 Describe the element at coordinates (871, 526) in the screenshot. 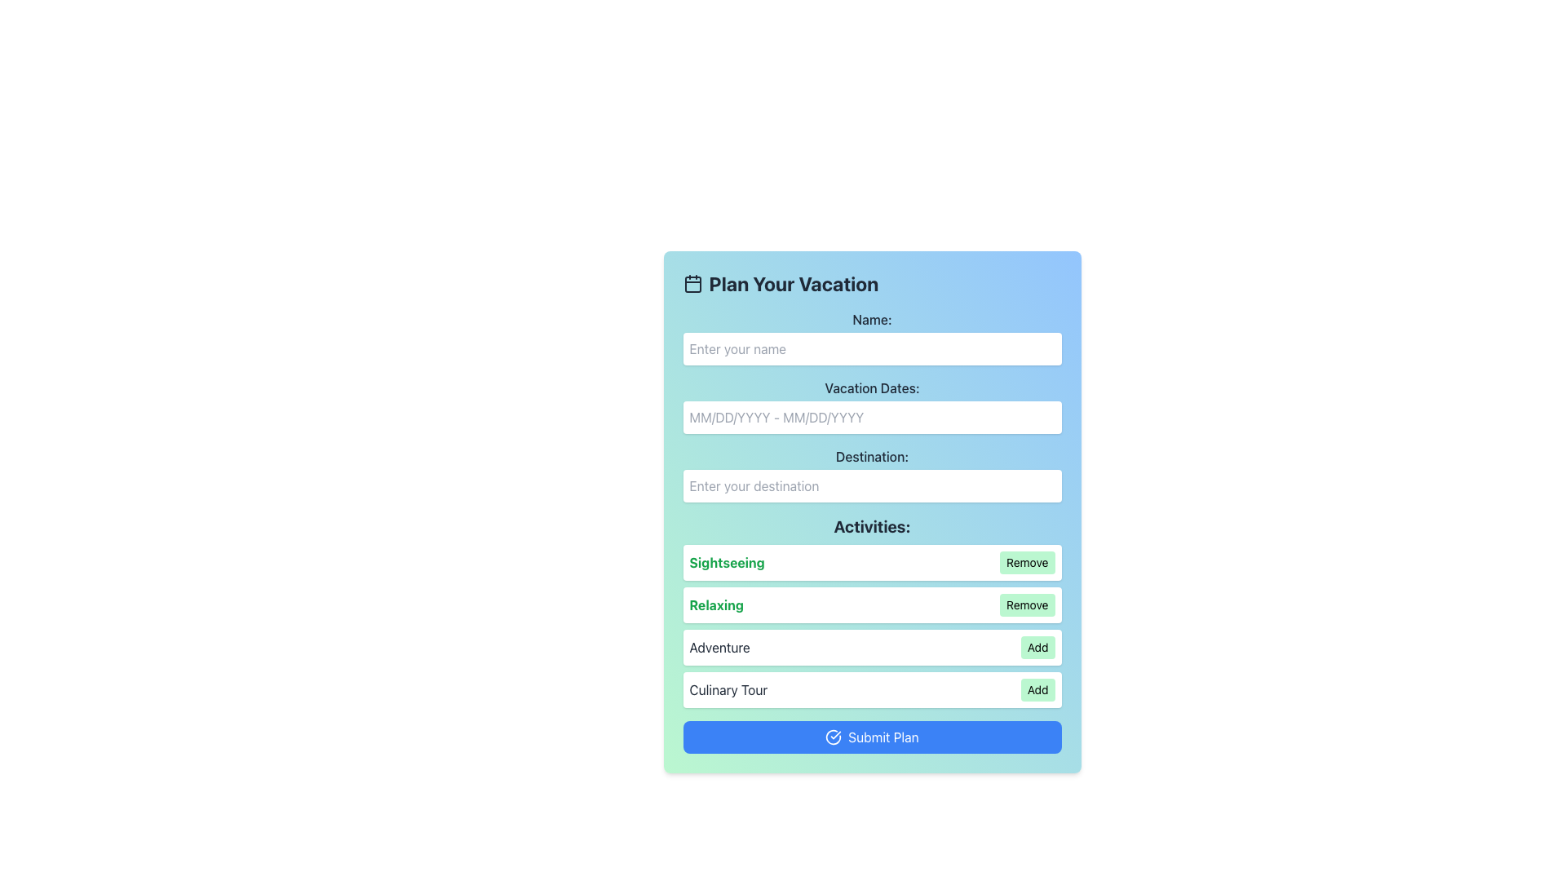

I see `the 'Activities' Text Label, which serves as a header indicating the content below related to various activities` at that location.